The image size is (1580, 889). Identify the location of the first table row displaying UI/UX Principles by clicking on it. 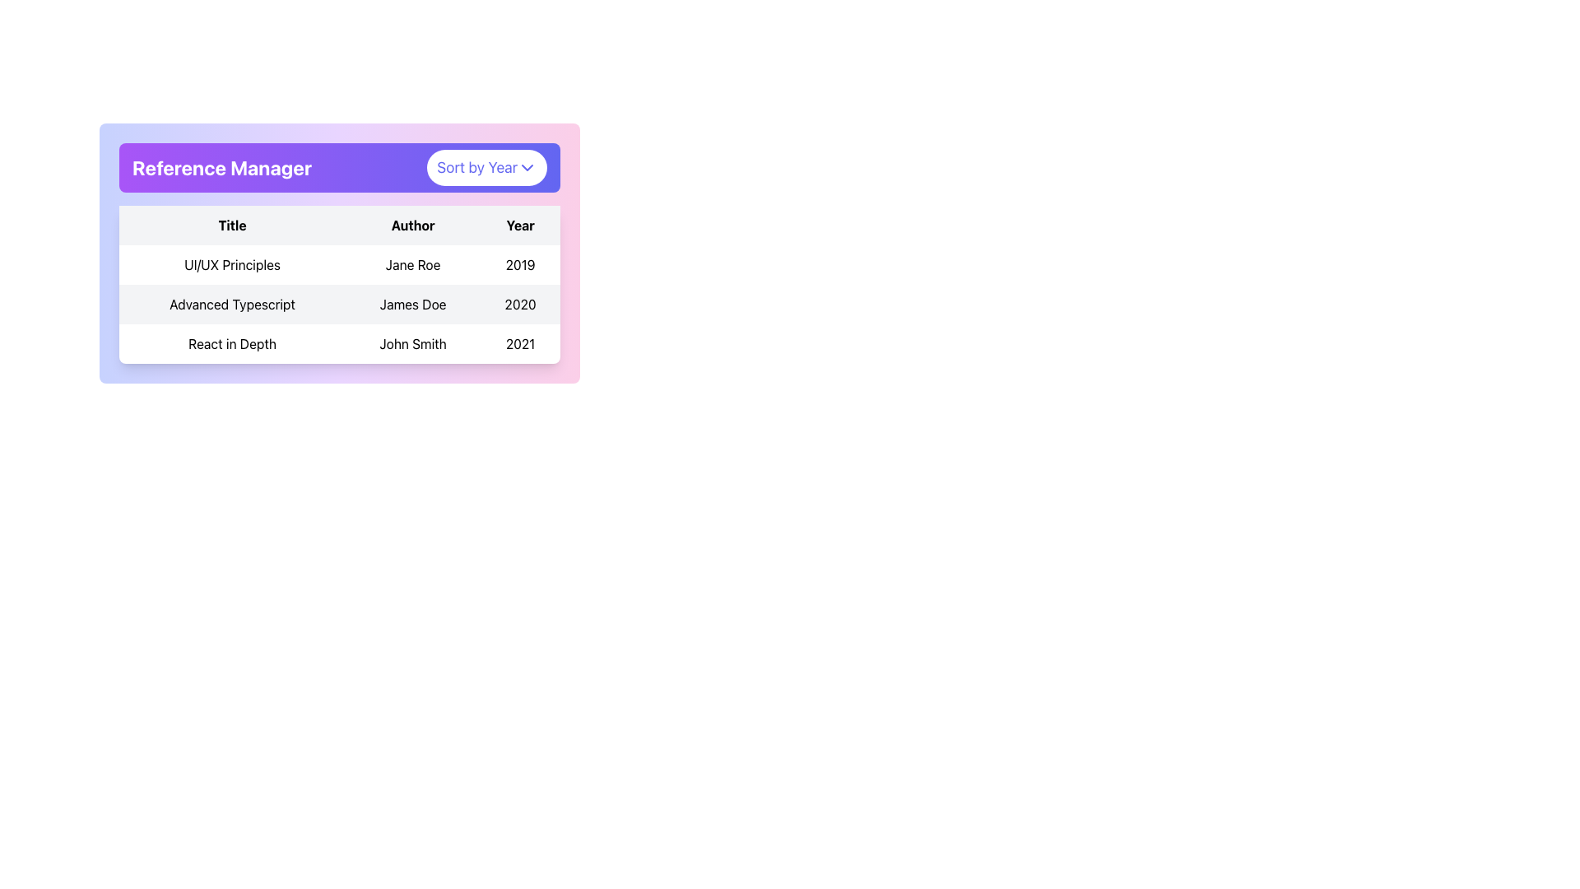
(338, 263).